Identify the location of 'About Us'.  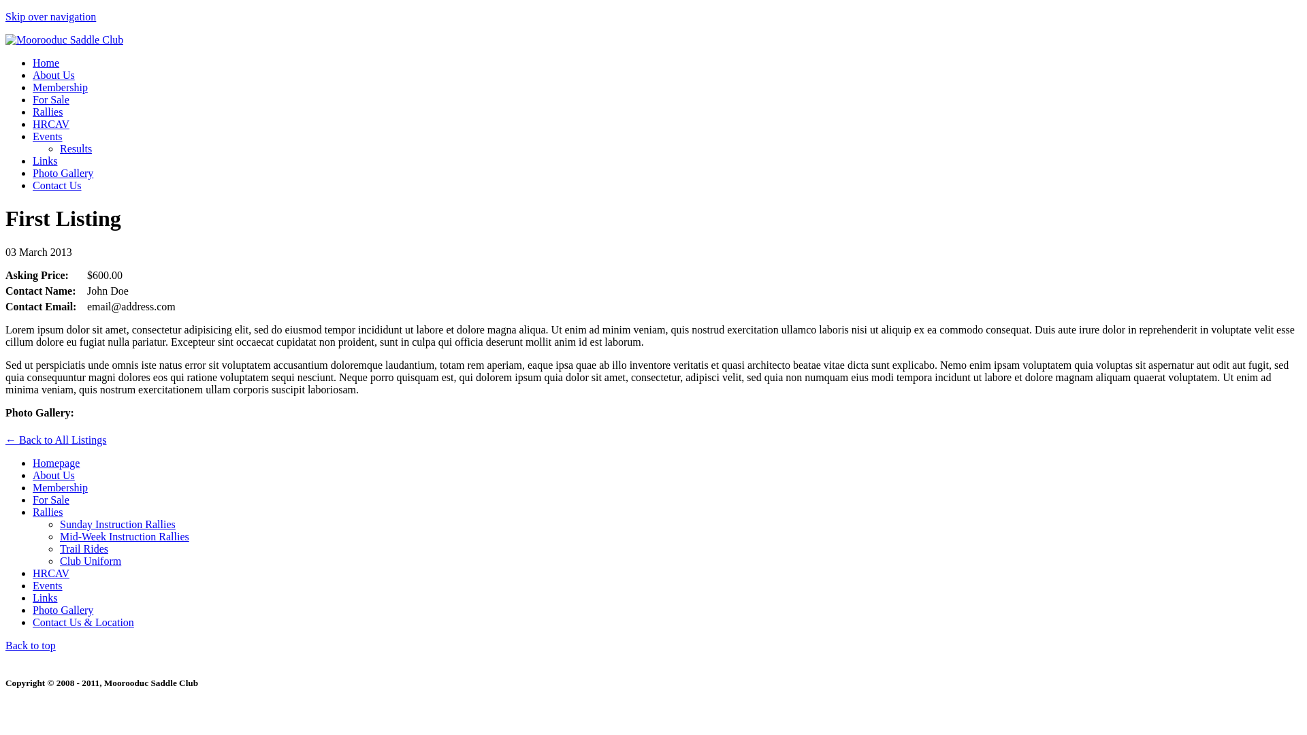
(53, 75).